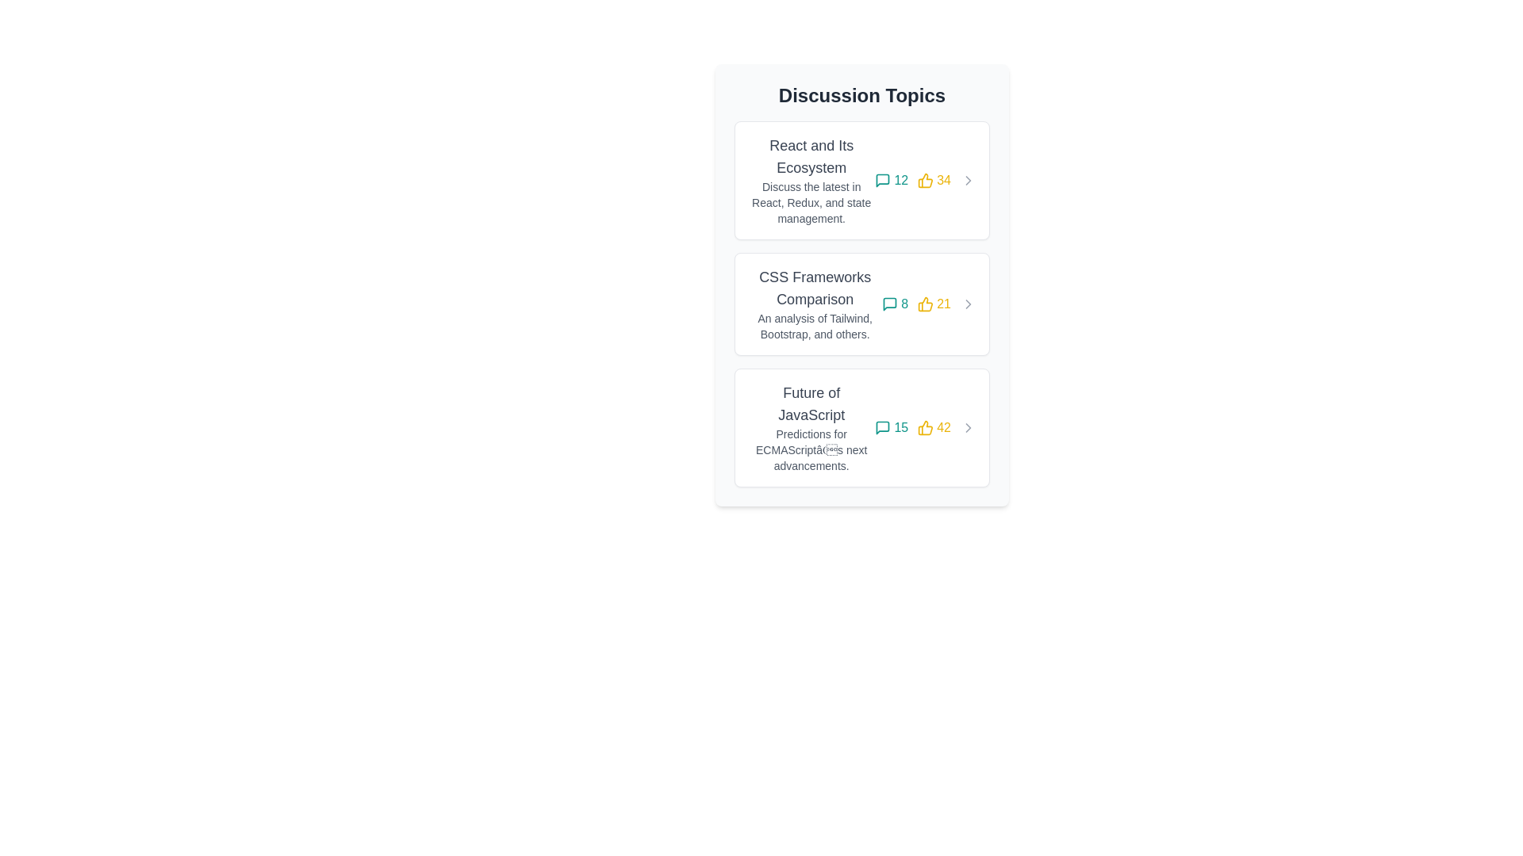 This screenshot has width=1523, height=856. Describe the element at coordinates (811, 201) in the screenshot. I see `text label that provides a brief description of the discussion topic titled 'React and Its Ecosystem', which is located below the heading of the same title and is the first in the vertical list of discussion topics` at that location.